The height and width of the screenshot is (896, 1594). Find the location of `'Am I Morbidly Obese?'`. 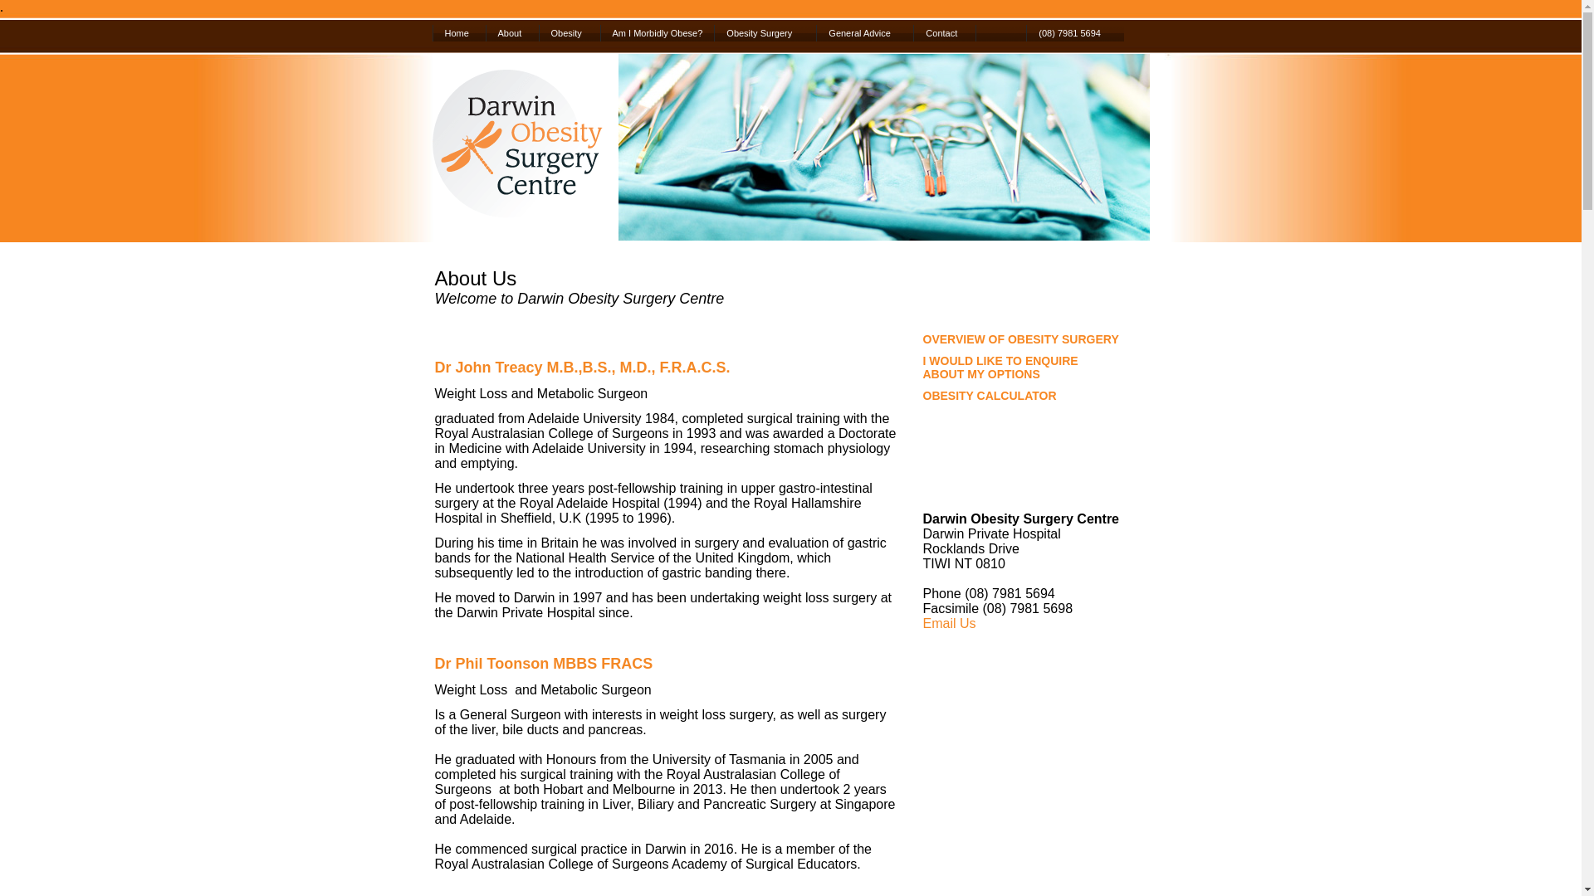

'Am I Morbidly Obese?' is located at coordinates (598, 32).